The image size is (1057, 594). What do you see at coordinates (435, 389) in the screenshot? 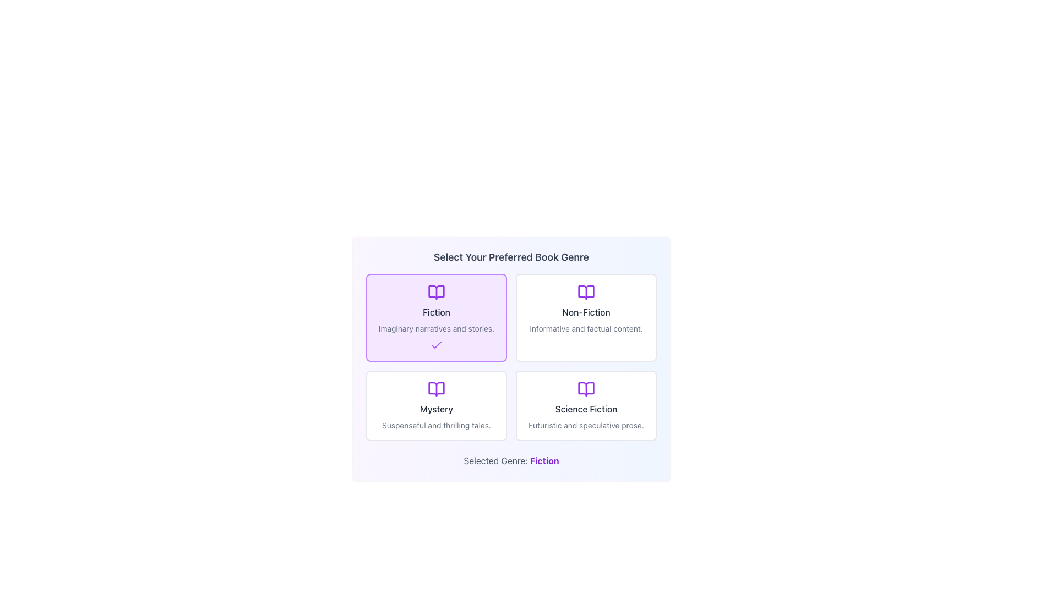
I see `the purple open book icon located within the 'Mystery' category card, which is centered above the text 'Mystery' and 'Suspenseful and thrilling tales.'` at bounding box center [435, 389].